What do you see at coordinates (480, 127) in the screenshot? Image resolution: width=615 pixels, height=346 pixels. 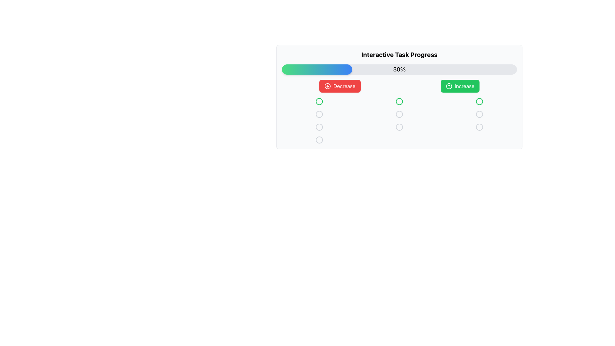 I see `the circular graphical indicator located in the bottom-right part of the layout, styled with a thin gray border and no visible fill` at bounding box center [480, 127].